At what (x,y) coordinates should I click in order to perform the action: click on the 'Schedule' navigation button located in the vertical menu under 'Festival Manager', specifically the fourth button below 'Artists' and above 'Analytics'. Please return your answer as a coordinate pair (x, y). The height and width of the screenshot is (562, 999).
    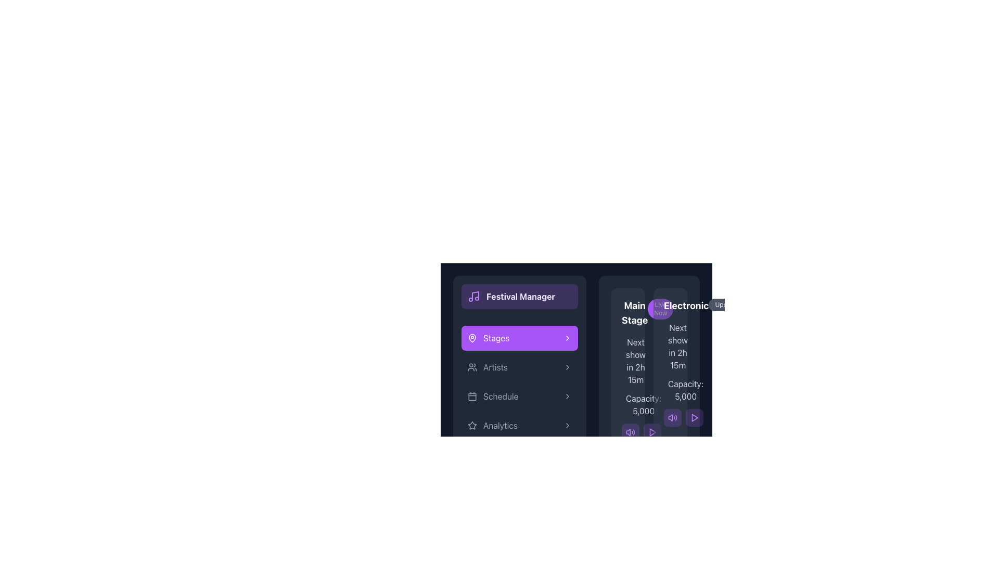
    Looking at the image, I should click on (519, 397).